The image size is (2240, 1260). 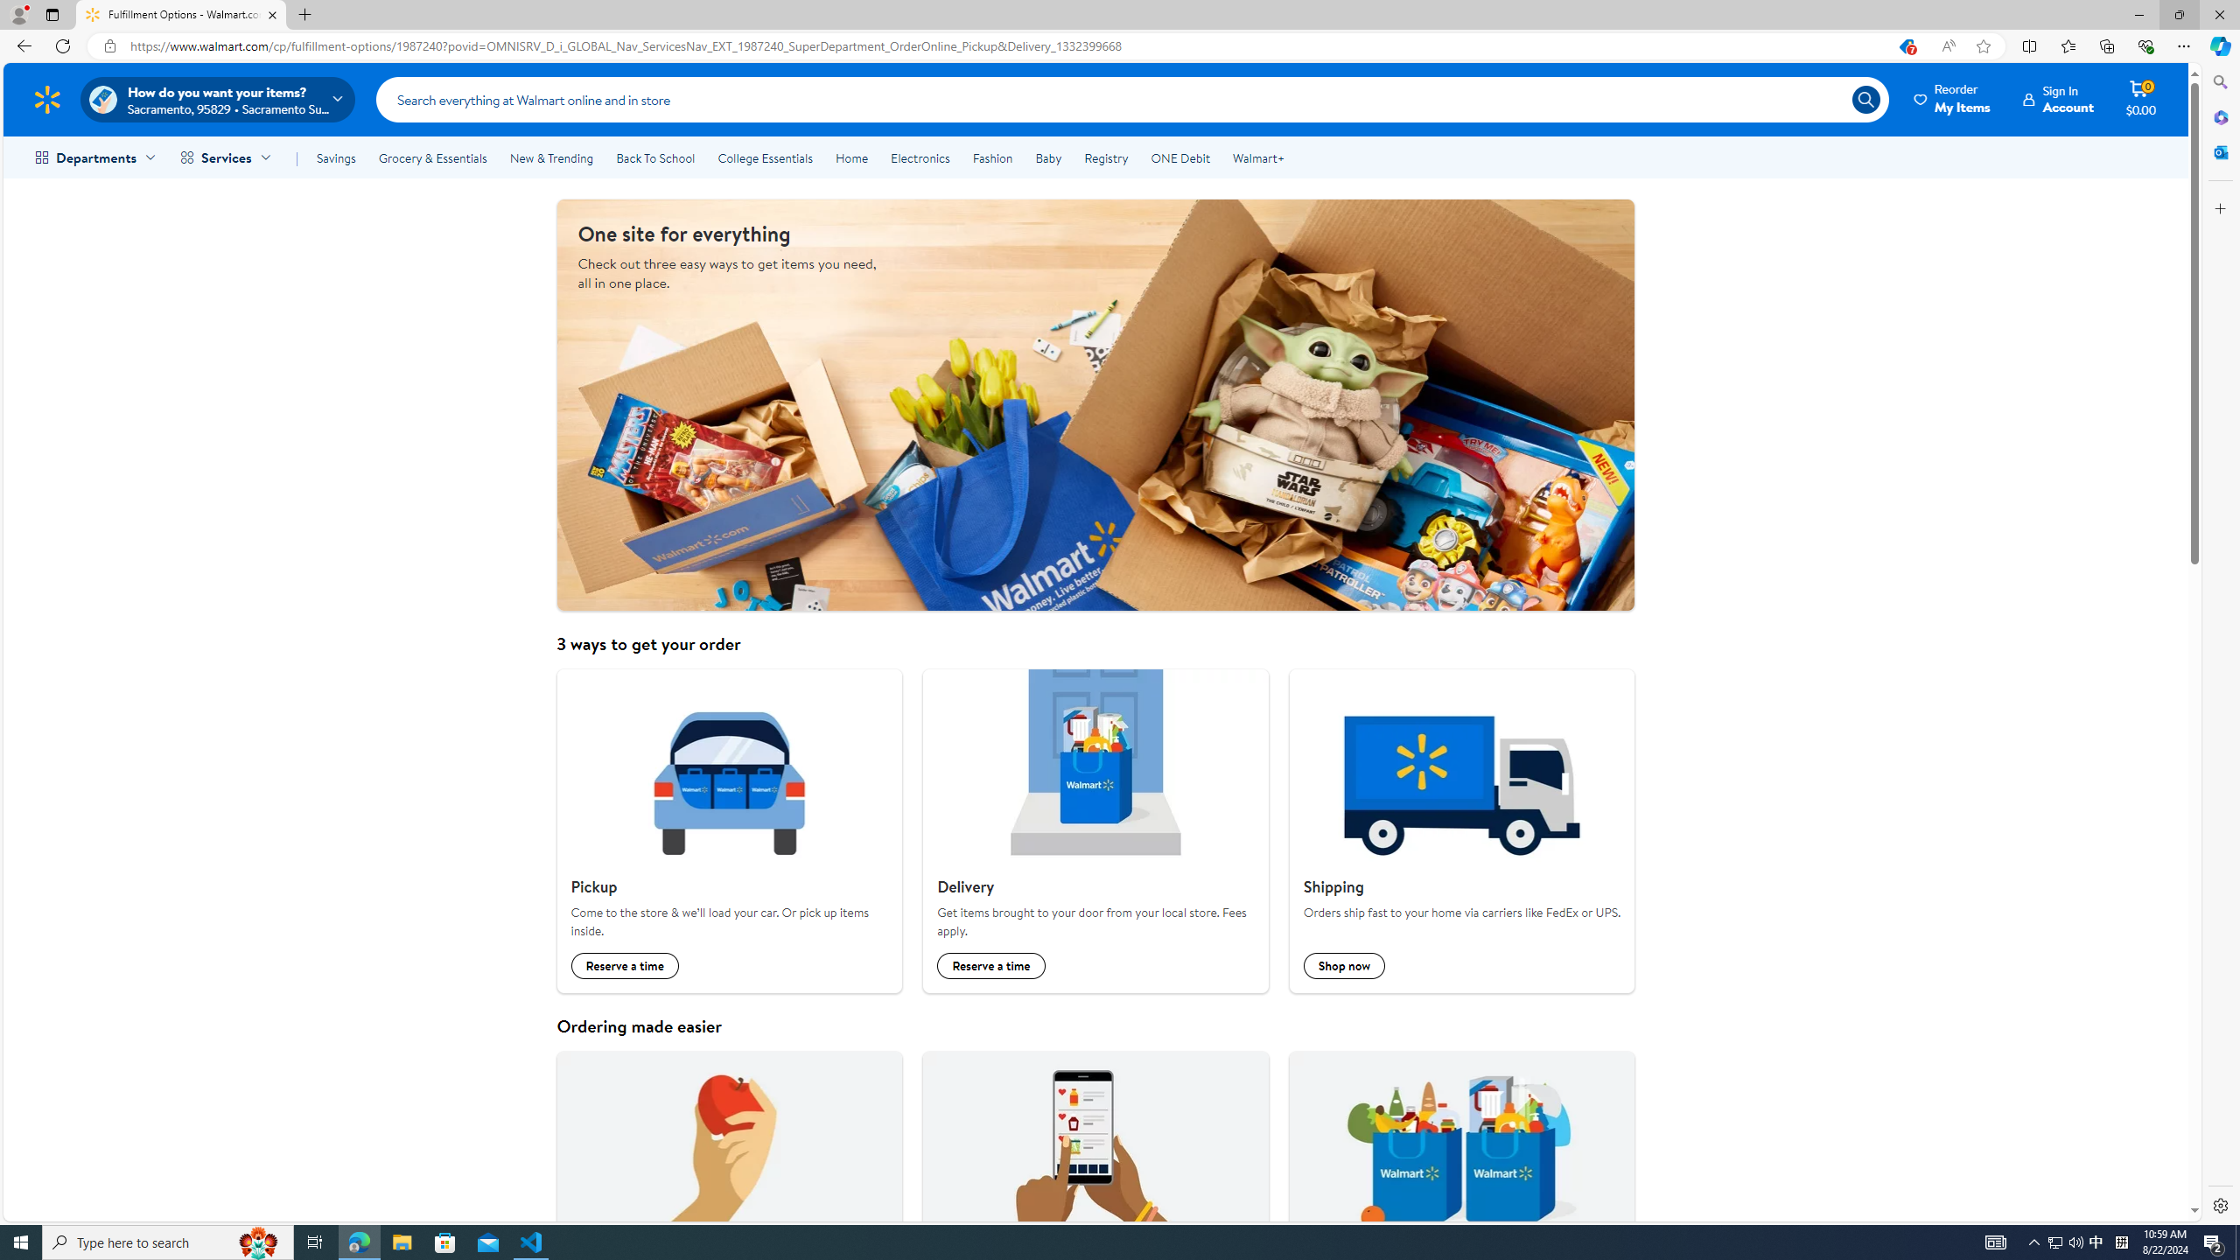 I want to click on 'Electronics', so click(x=920, y=157).